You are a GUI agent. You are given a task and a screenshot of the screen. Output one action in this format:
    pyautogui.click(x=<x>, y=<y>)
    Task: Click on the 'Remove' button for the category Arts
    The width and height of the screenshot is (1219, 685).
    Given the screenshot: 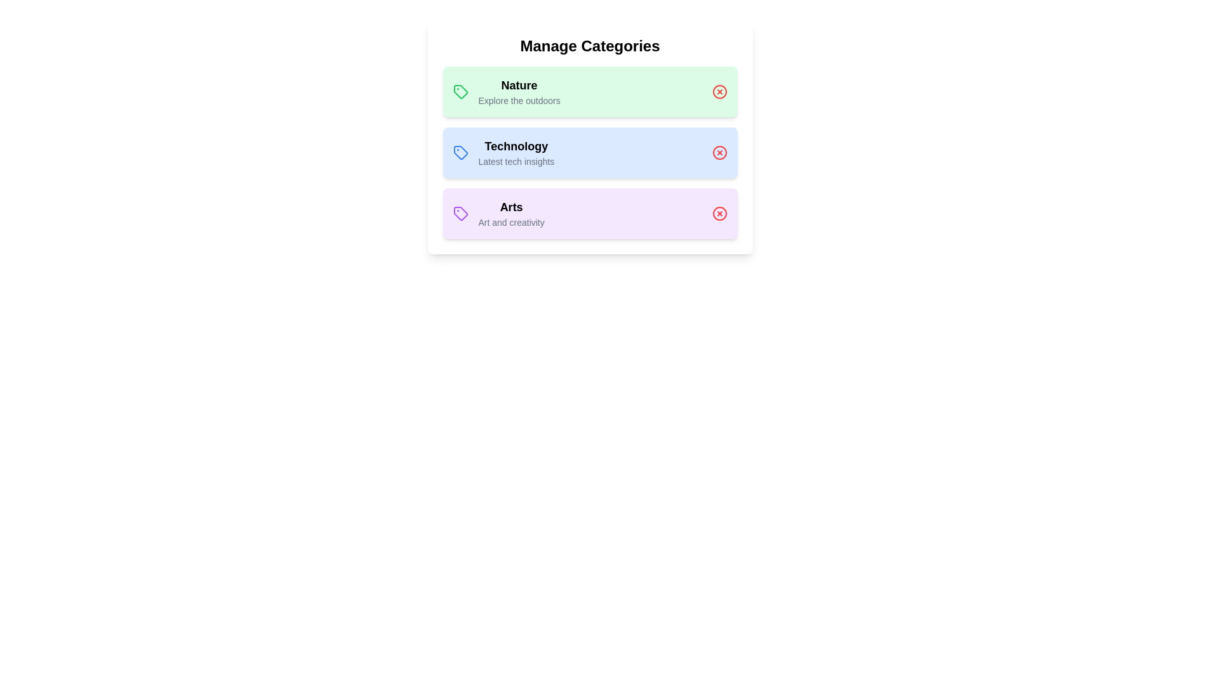 What is the action you would take?
    pyautogui.click(x=719, y=212)
    